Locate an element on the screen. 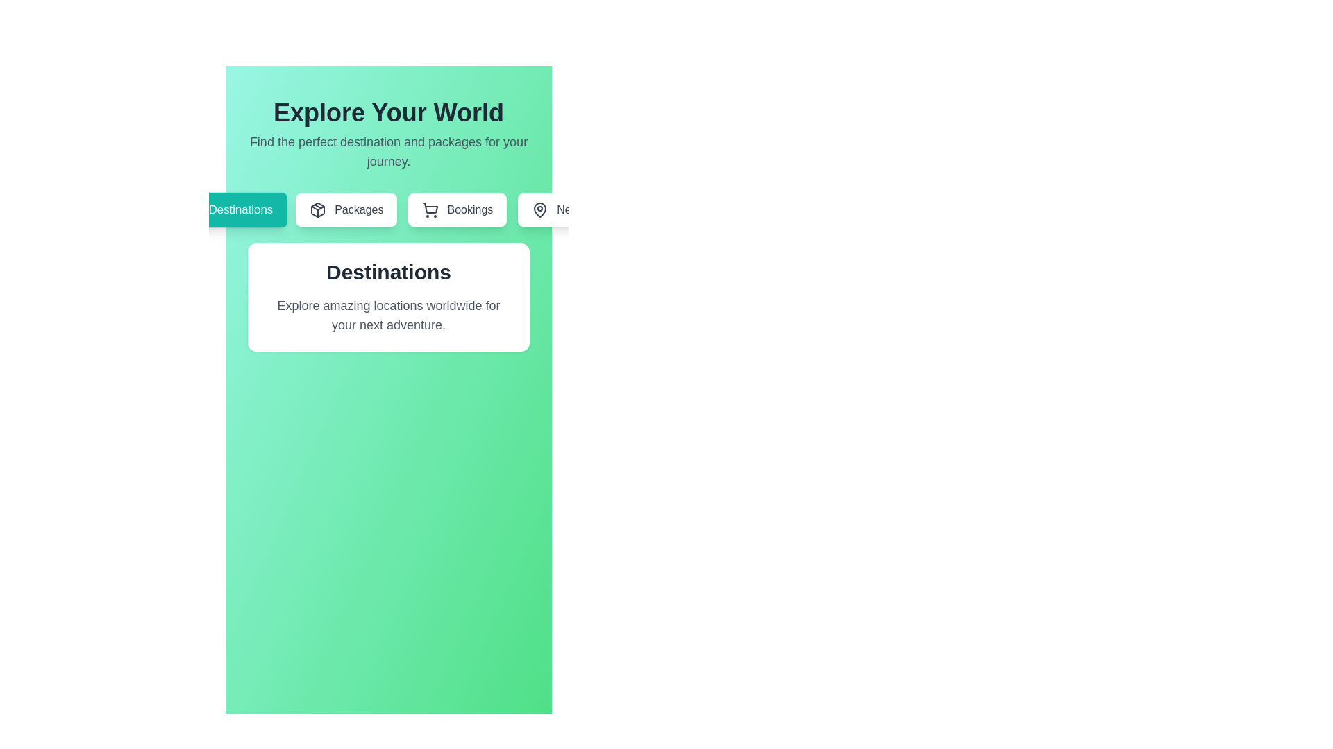 The height and width of the screenshot is (749, 1333). the tab labeled 'Destinations' to navigate to the respective section is located at coordinates (227, 210).